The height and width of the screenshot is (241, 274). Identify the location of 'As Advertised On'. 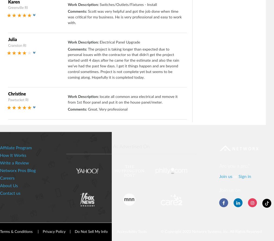
(131, 146).